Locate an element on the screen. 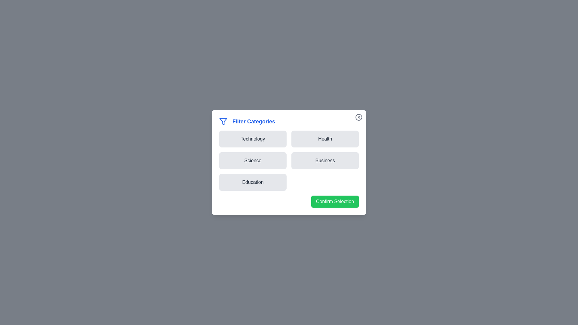  the button corresponding to the category Science is located at coordinates (253, 160).